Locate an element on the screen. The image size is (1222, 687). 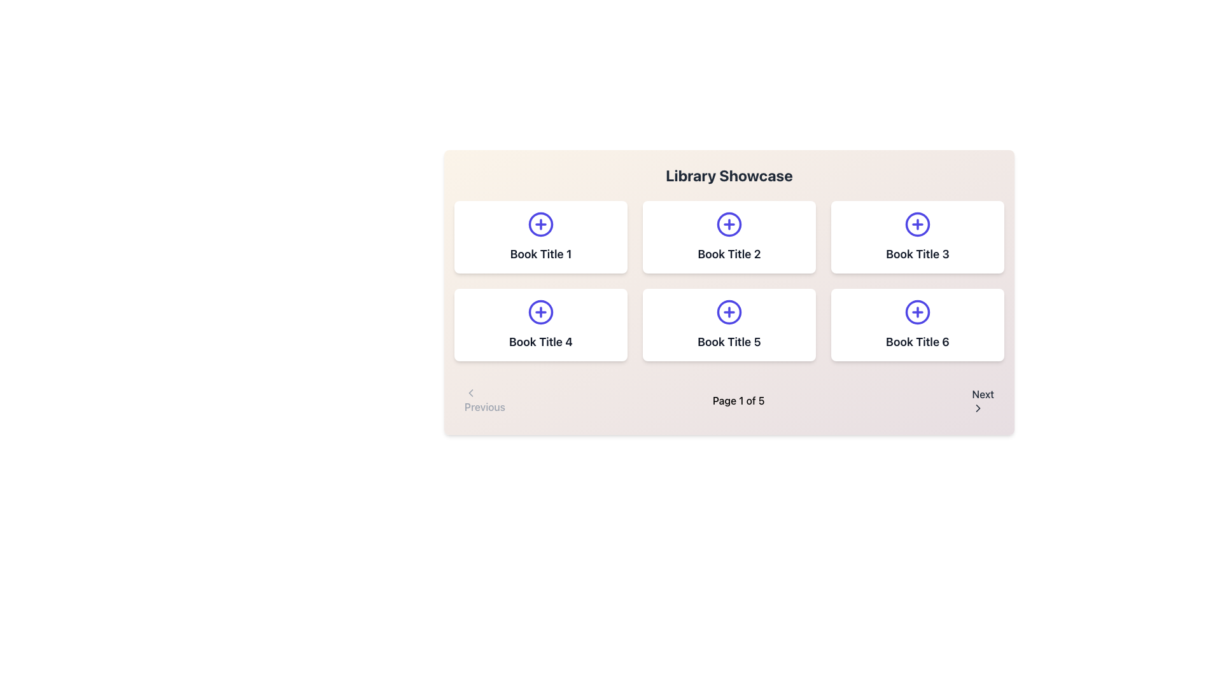
the circular icon with a blue plus sign located in the bottom-right card labeled 'Book Title 6' to interact is located at coordinates (917, 312).